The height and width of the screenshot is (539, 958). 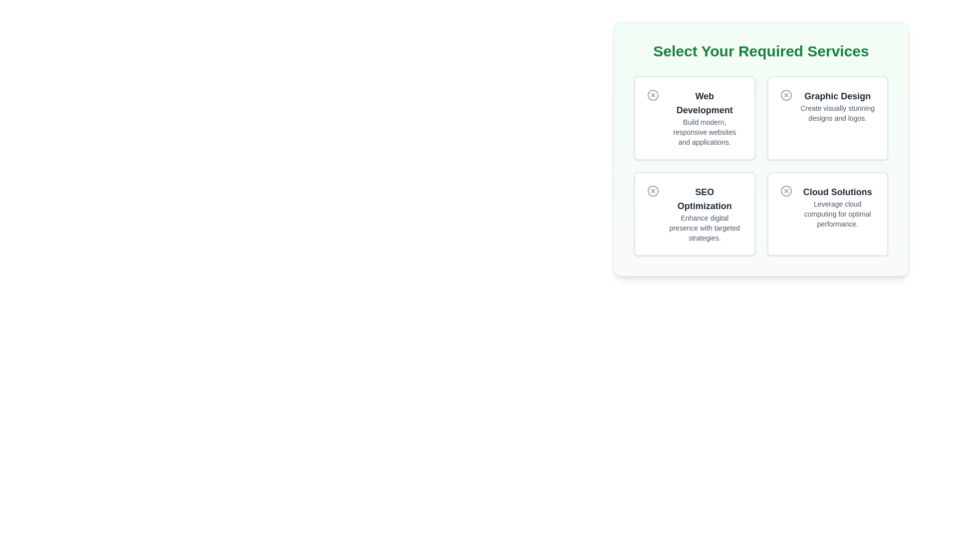 What do you see at coordinates (653, 95) in the screenshot?
I see `the close icon button located in the top-left corner of the 'Web Development' card to observe the hover effect` at bounding box center [653, 95].